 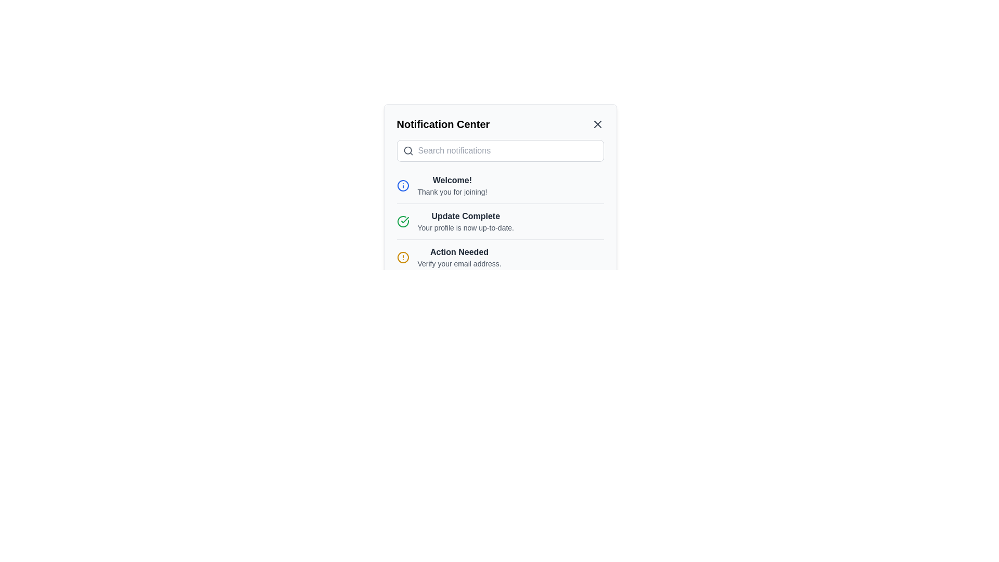 I want to click on the bold text element displaying 'Welcome!' in the notification card interface, which is positioned at the top and aligned above the supplementary text 'Thank you for joining!', so click(x=452, y=180).